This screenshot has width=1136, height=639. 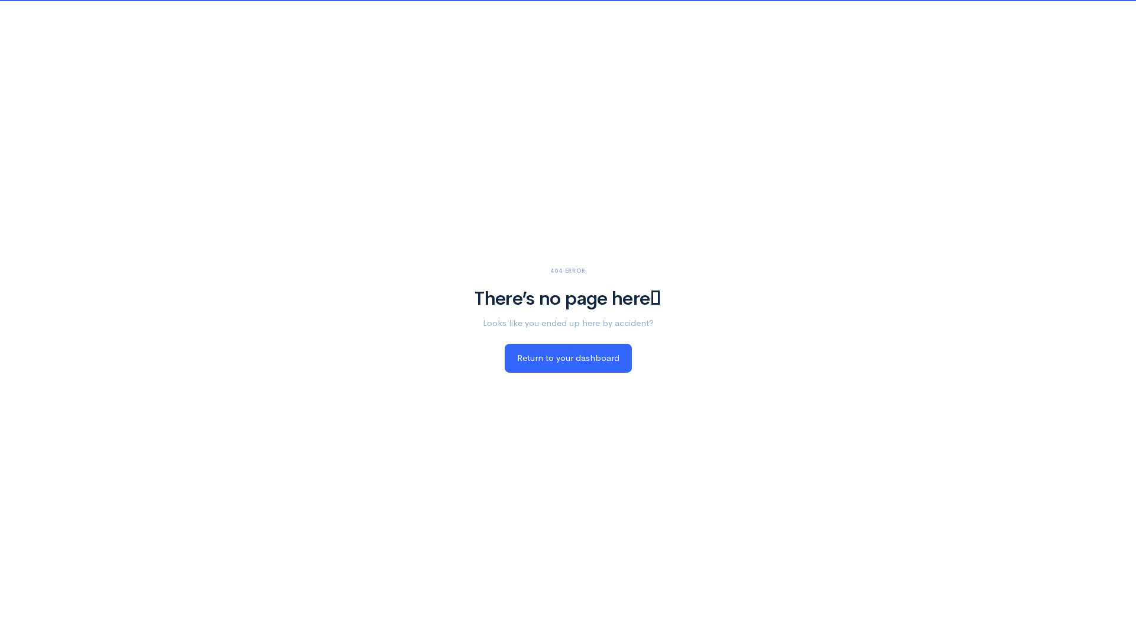 I want to click on 'Return to your dashboard', so click(x=504, y=357).